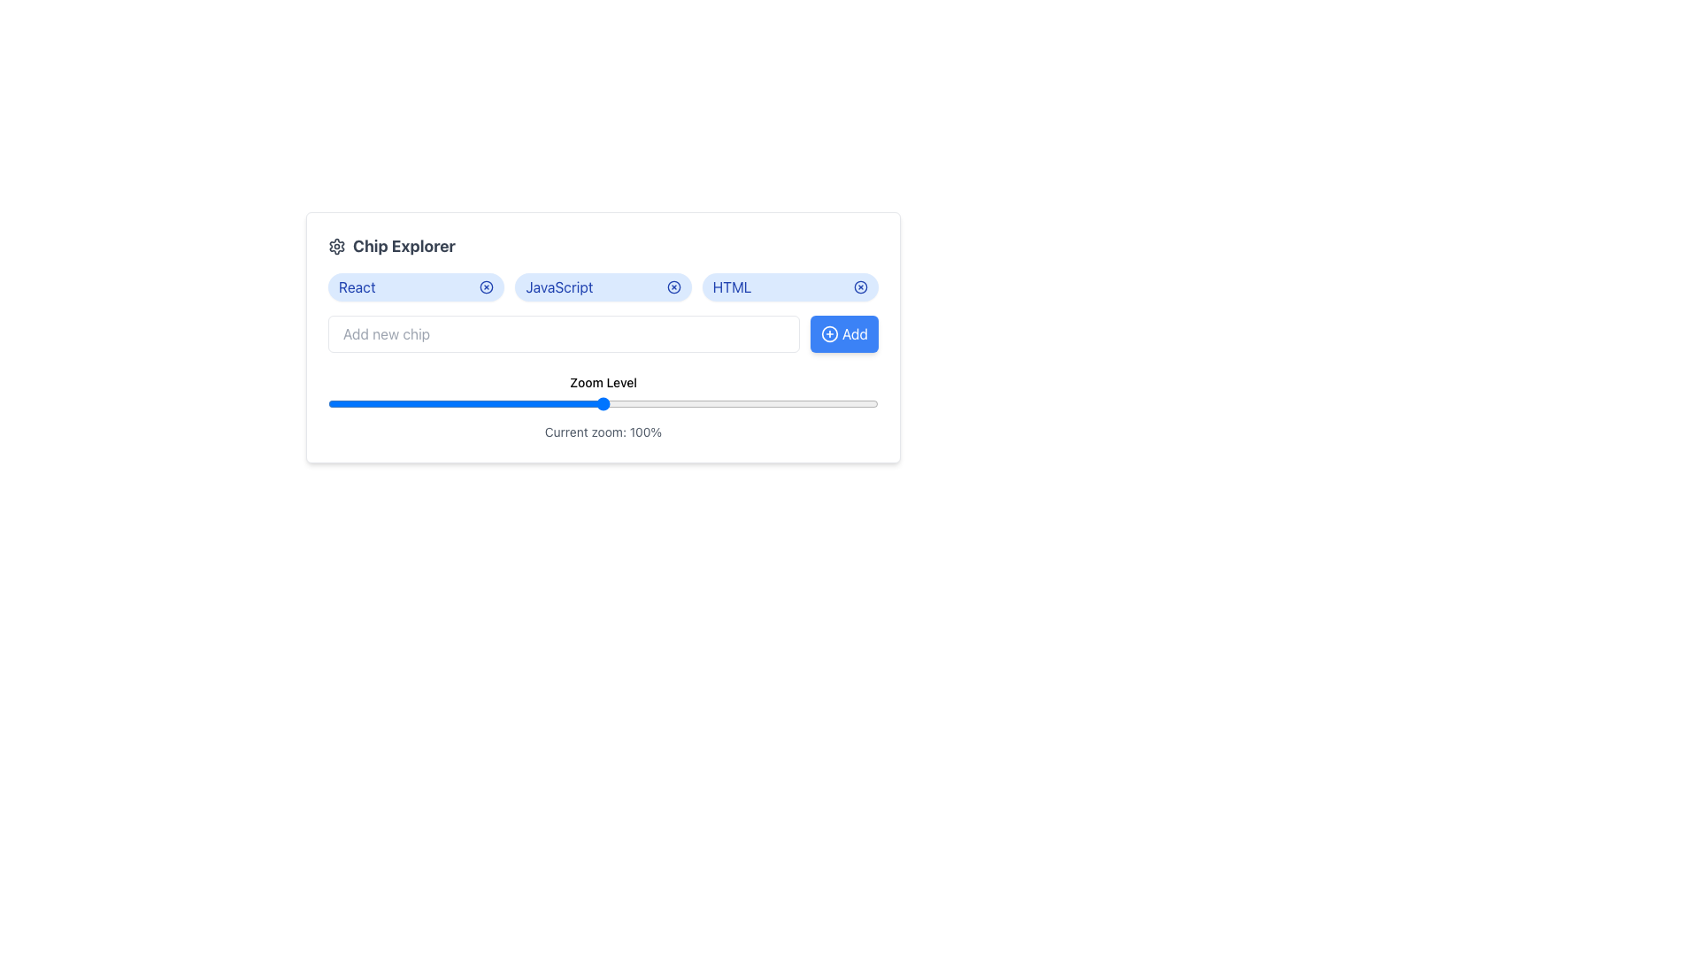 The width and height of the screenshot is (1699, 955). Describe the element at coordinates (779, 403) in the screenshot. I see `zoom level` at that location.